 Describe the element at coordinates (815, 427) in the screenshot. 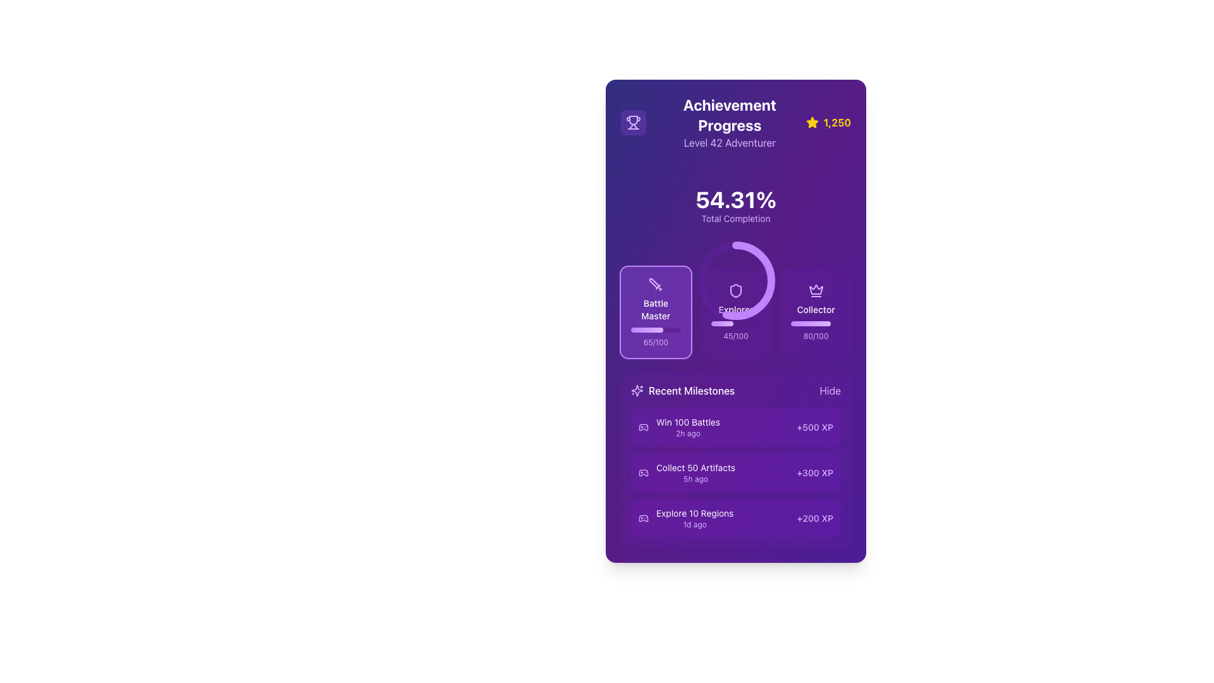

I see `the text label displaying the reward points (500 XP) for the milestone 'Win 100 Battles' located in the 'Recent Milestones' section` at that location.